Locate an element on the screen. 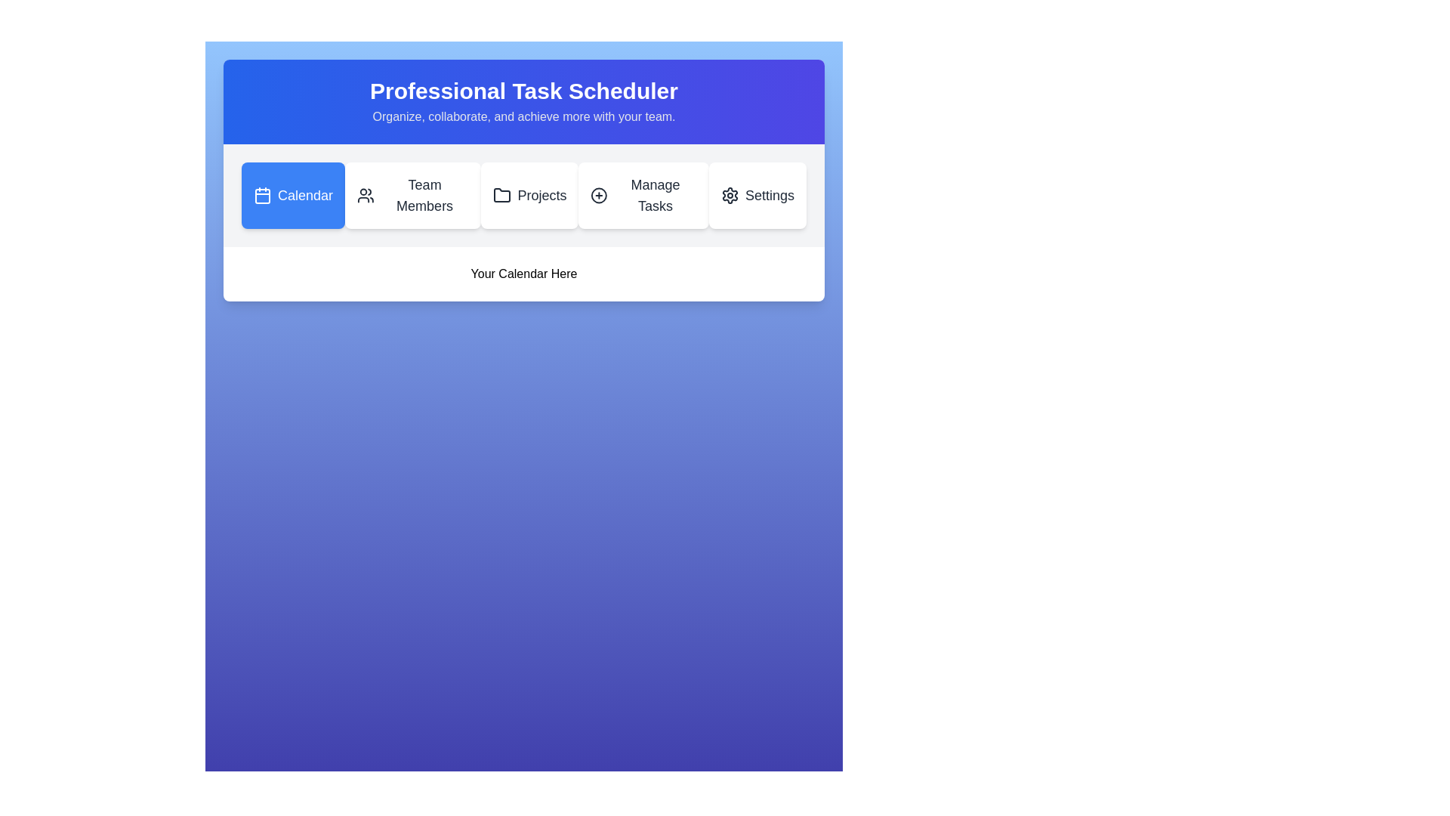  text element that says 'Organize, collaborate, and achieve more with your team.' It is a smaller, subdued gray text located directly below the bold heading 'Professional Task Scheduler.' is located at coordinates (524, 116).